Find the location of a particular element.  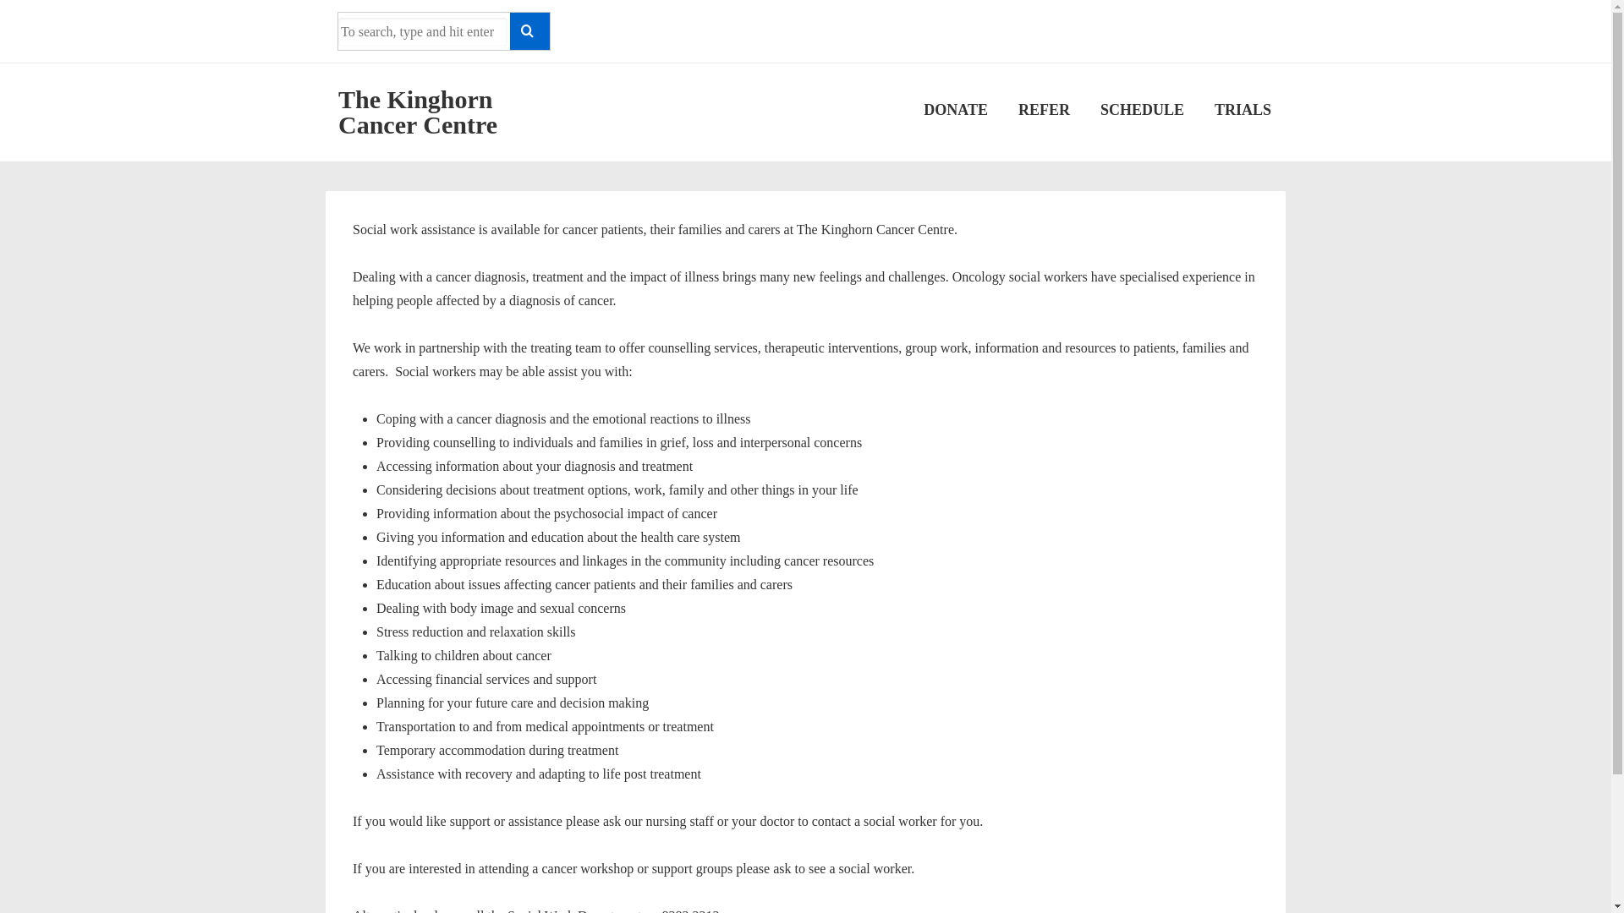

'DONATE' is located at coordinates (908, 111).